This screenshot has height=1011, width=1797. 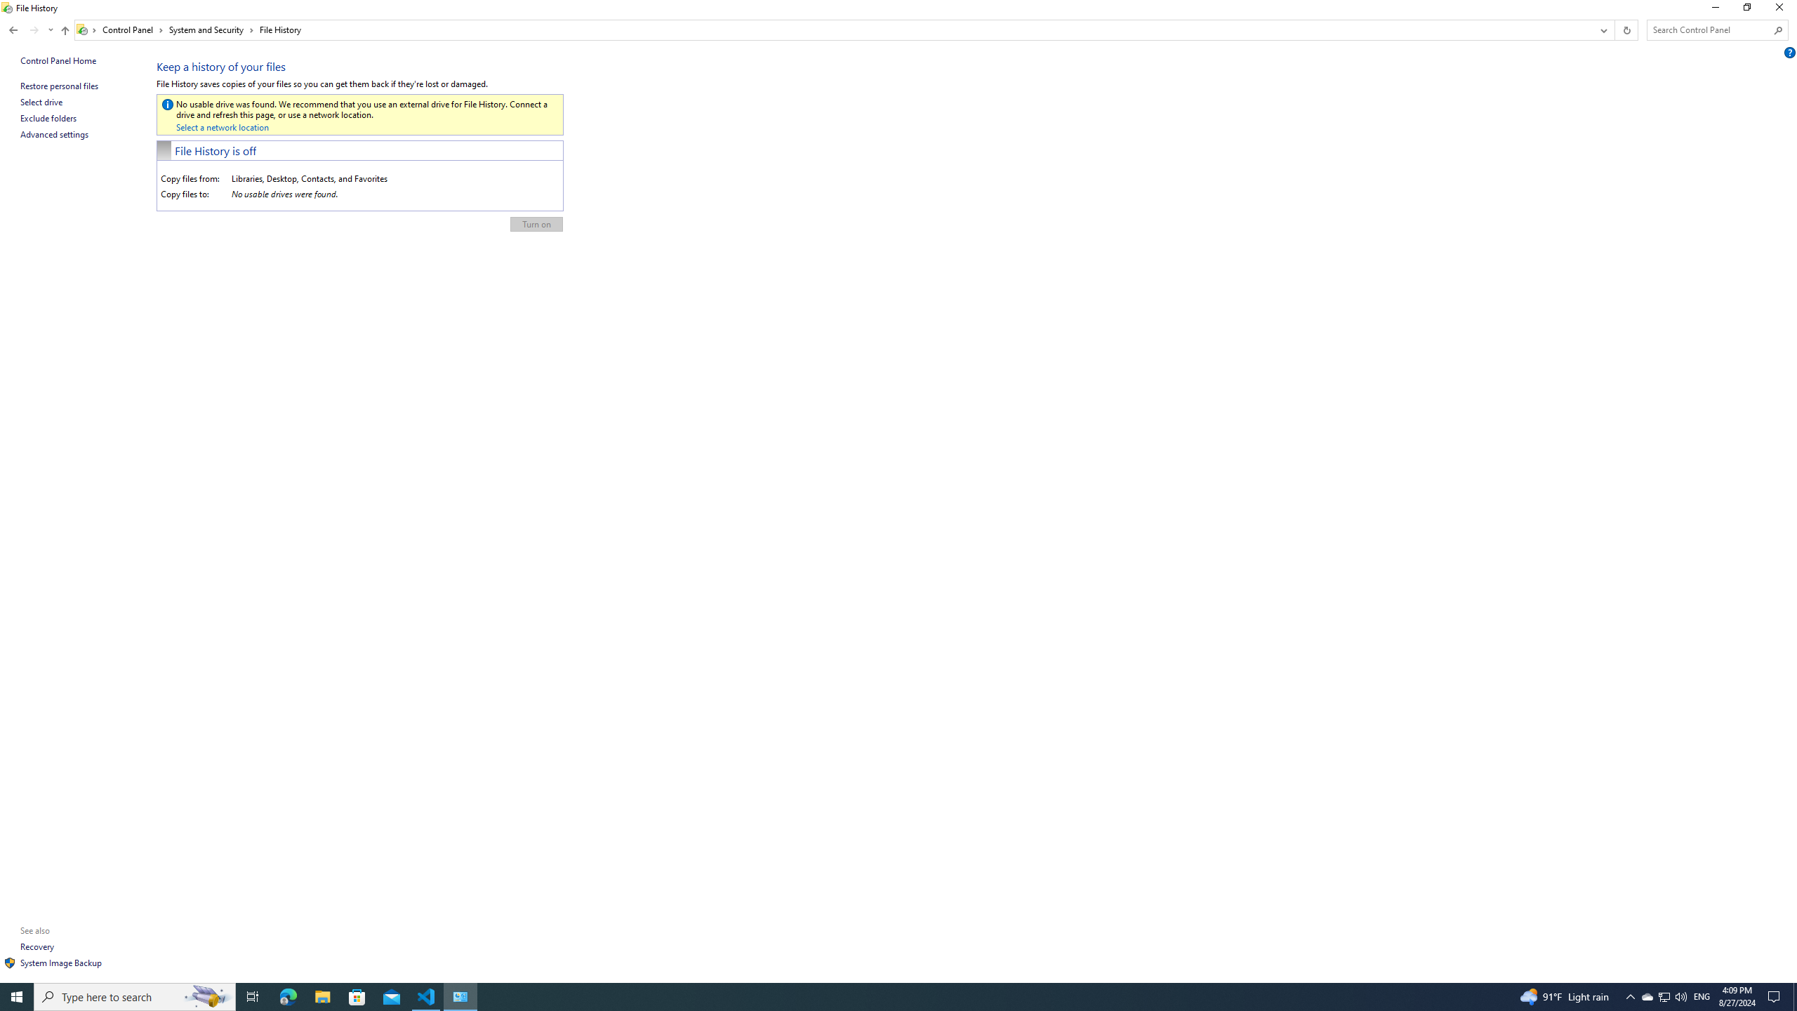 What do you see at coordinates (833, 29) in the screenshot?
I see `'Address: Control Panel\System and Security\File History'` at bounding box center [833, 29].